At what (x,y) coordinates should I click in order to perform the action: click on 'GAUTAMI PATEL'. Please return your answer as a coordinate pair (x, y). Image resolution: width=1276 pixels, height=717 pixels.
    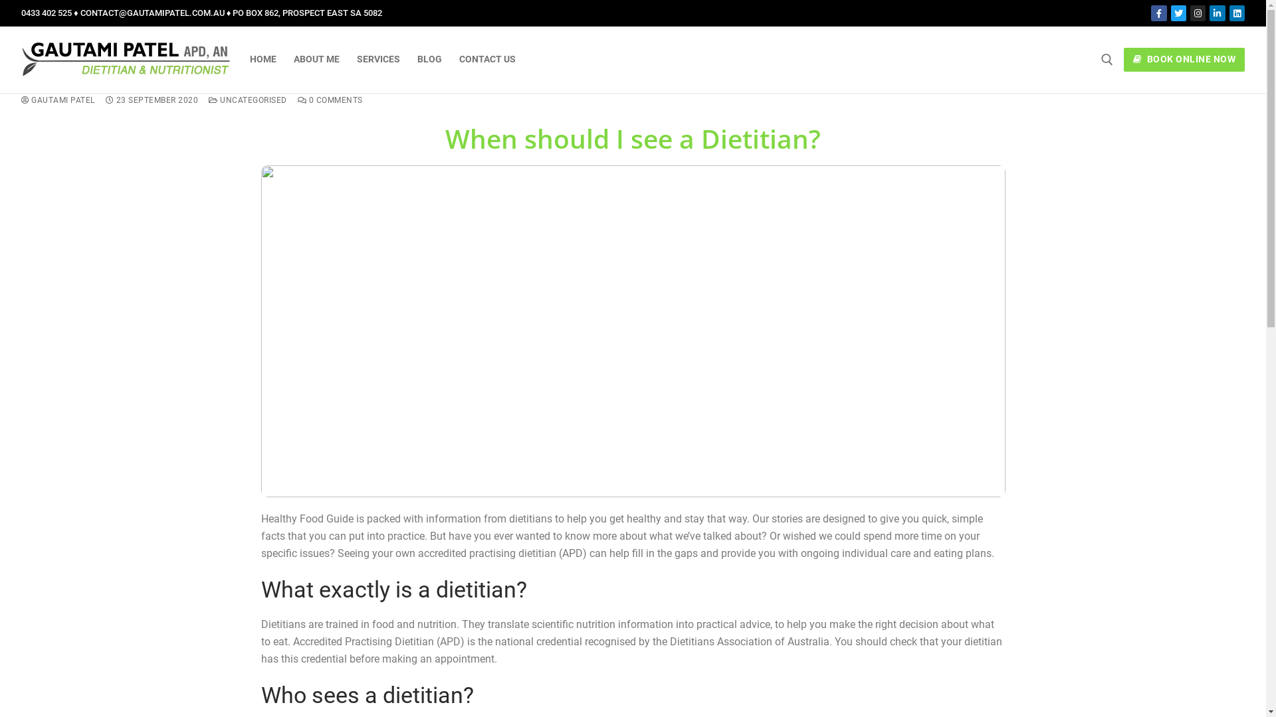
    Looking at the image, I should click on (21, 99).